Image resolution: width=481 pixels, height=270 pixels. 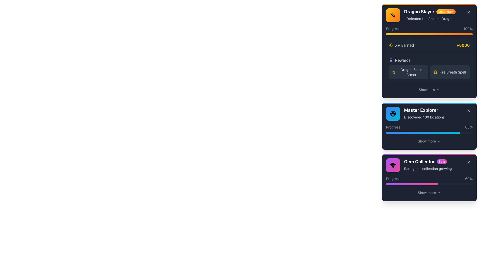 What do you see at coordinates (429, 141) in the screenshot?
I see `the 'Show more' button located at the bottom of the 'Master Explorer' card` at bounding box center [429, 141].